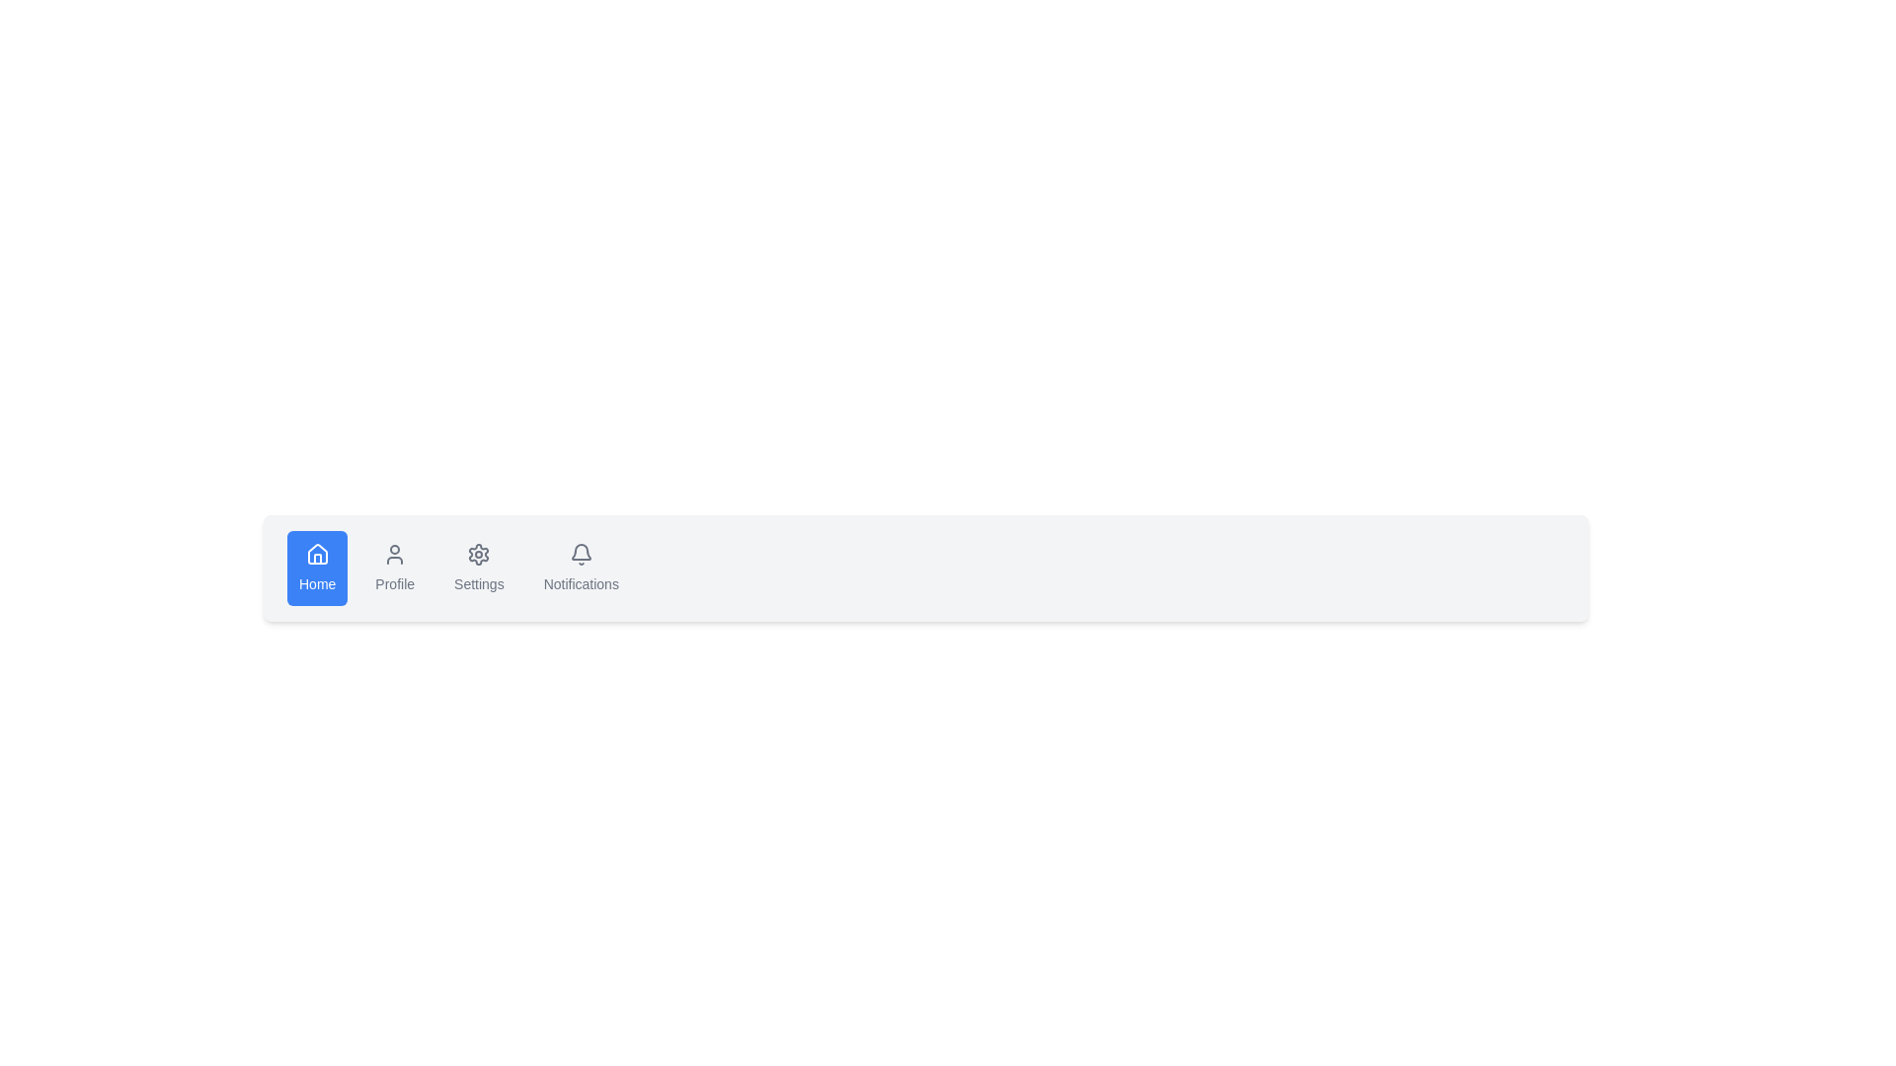  I want to click on the 'Settings' icon located in the horizontal navigation bar, so click(479, 555).